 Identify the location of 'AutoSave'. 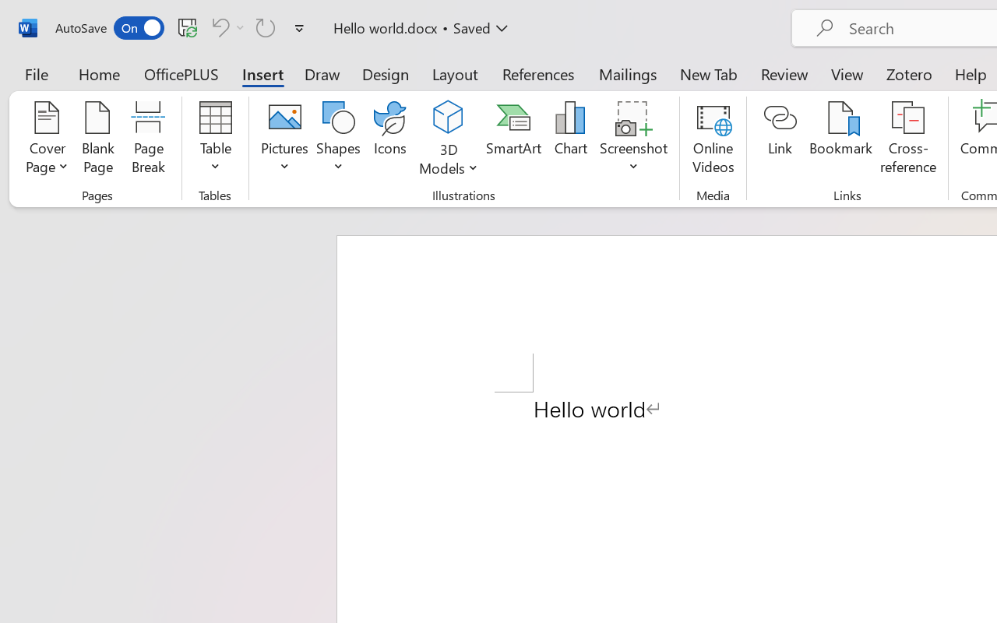
(108, 27).